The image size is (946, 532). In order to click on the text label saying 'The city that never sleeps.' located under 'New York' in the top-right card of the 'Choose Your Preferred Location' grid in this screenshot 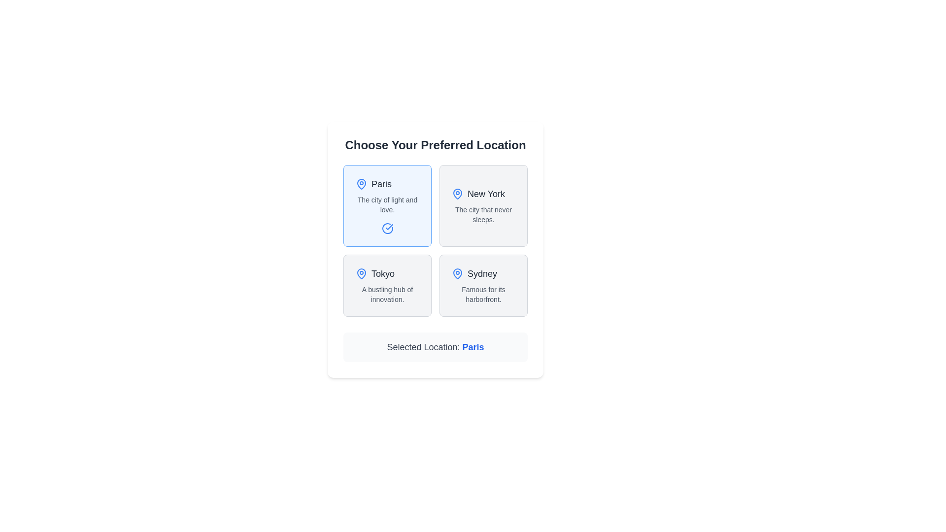, I will do `click(483, 214)`.